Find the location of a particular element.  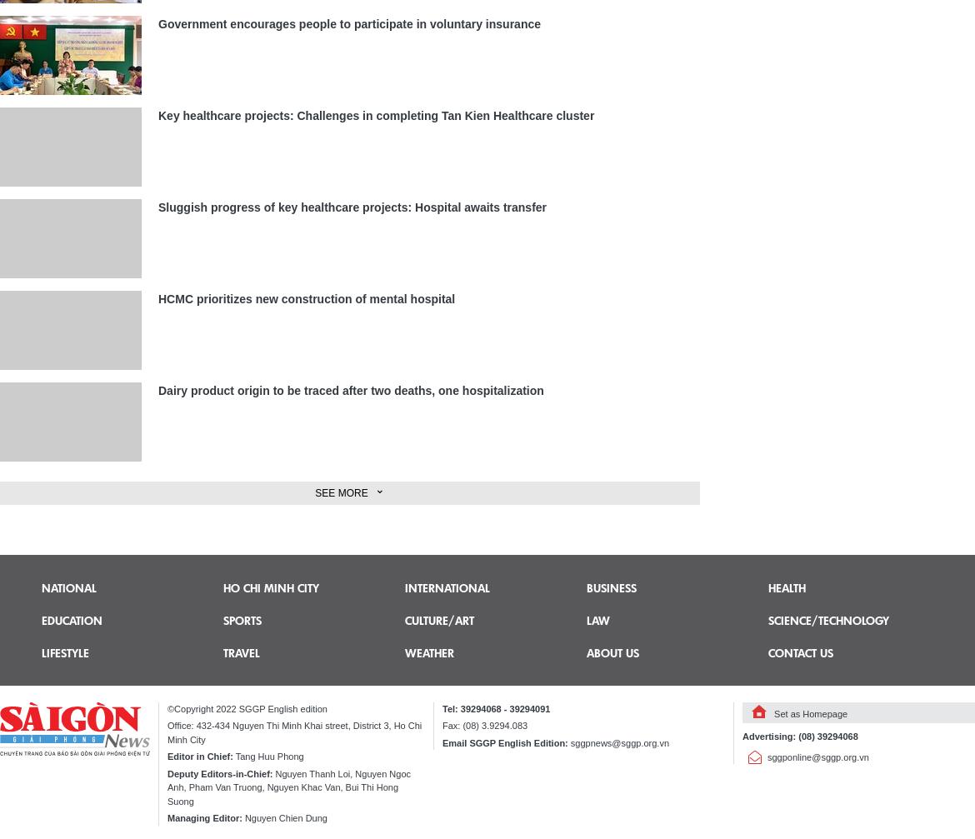

'Editor in Chief:' is located at coordinates (199, 756).